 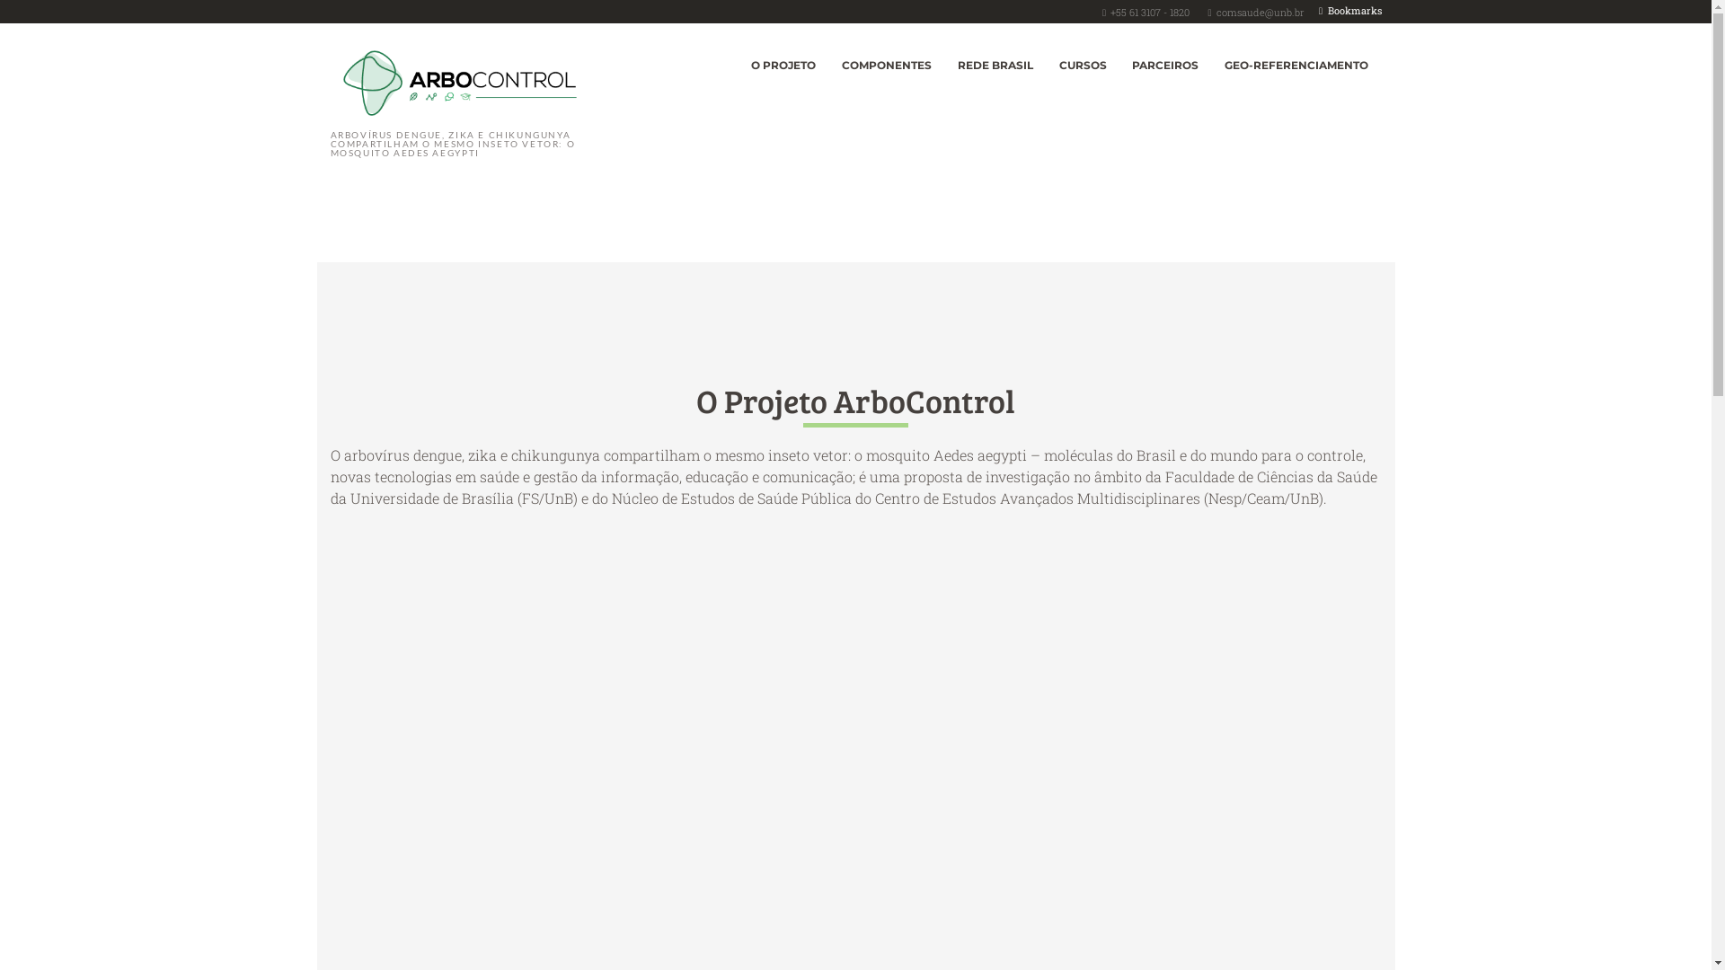 I want to click on 'COMPONENTES', so click(x=887, y=65).